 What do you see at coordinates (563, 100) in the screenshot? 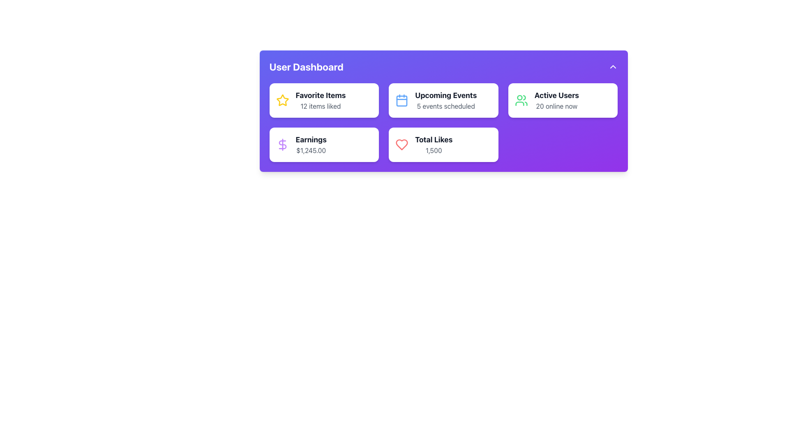
I see `the active users summary card located in the top-right section of the User Dashboard` at bounding box center [563, 100].